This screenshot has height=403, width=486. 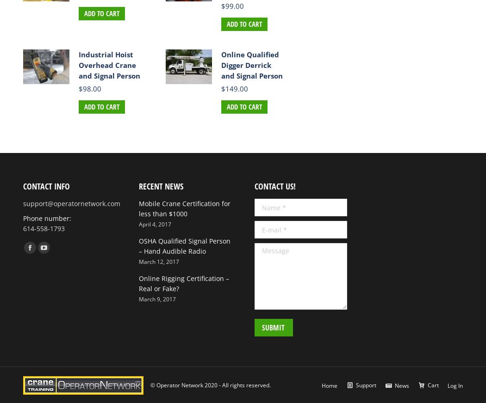 What do you see at coordinates (47, 218) in the screenshot?
I see `'Phone number:'` at bounding box center [47, 218].